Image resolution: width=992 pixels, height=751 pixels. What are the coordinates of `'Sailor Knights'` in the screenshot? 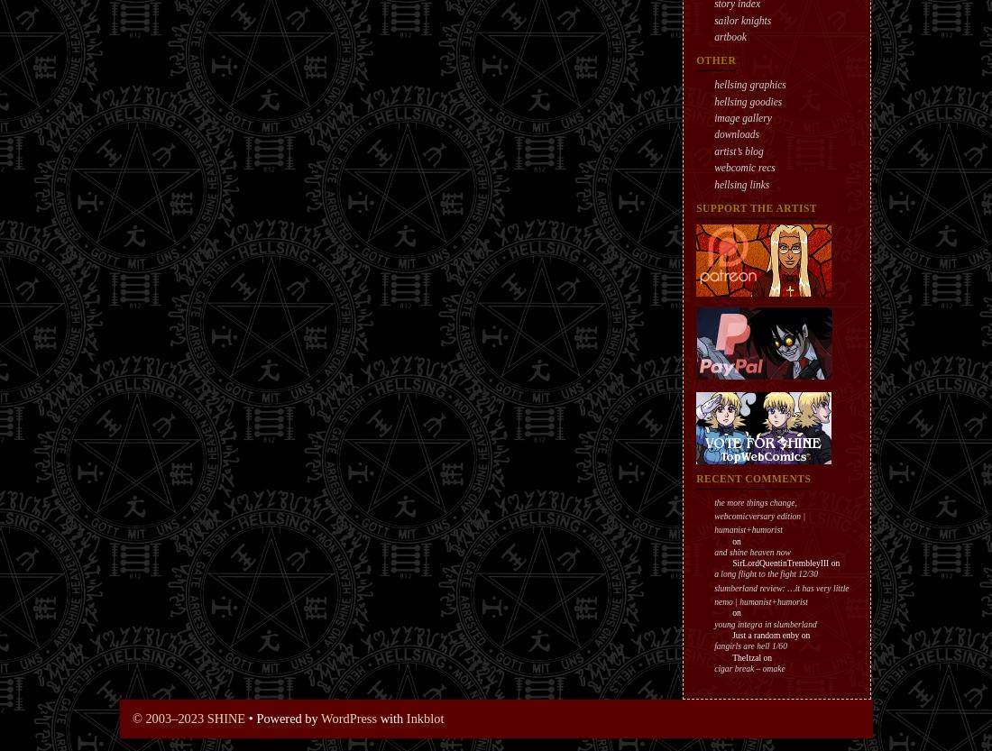 It's located at (742, 19).